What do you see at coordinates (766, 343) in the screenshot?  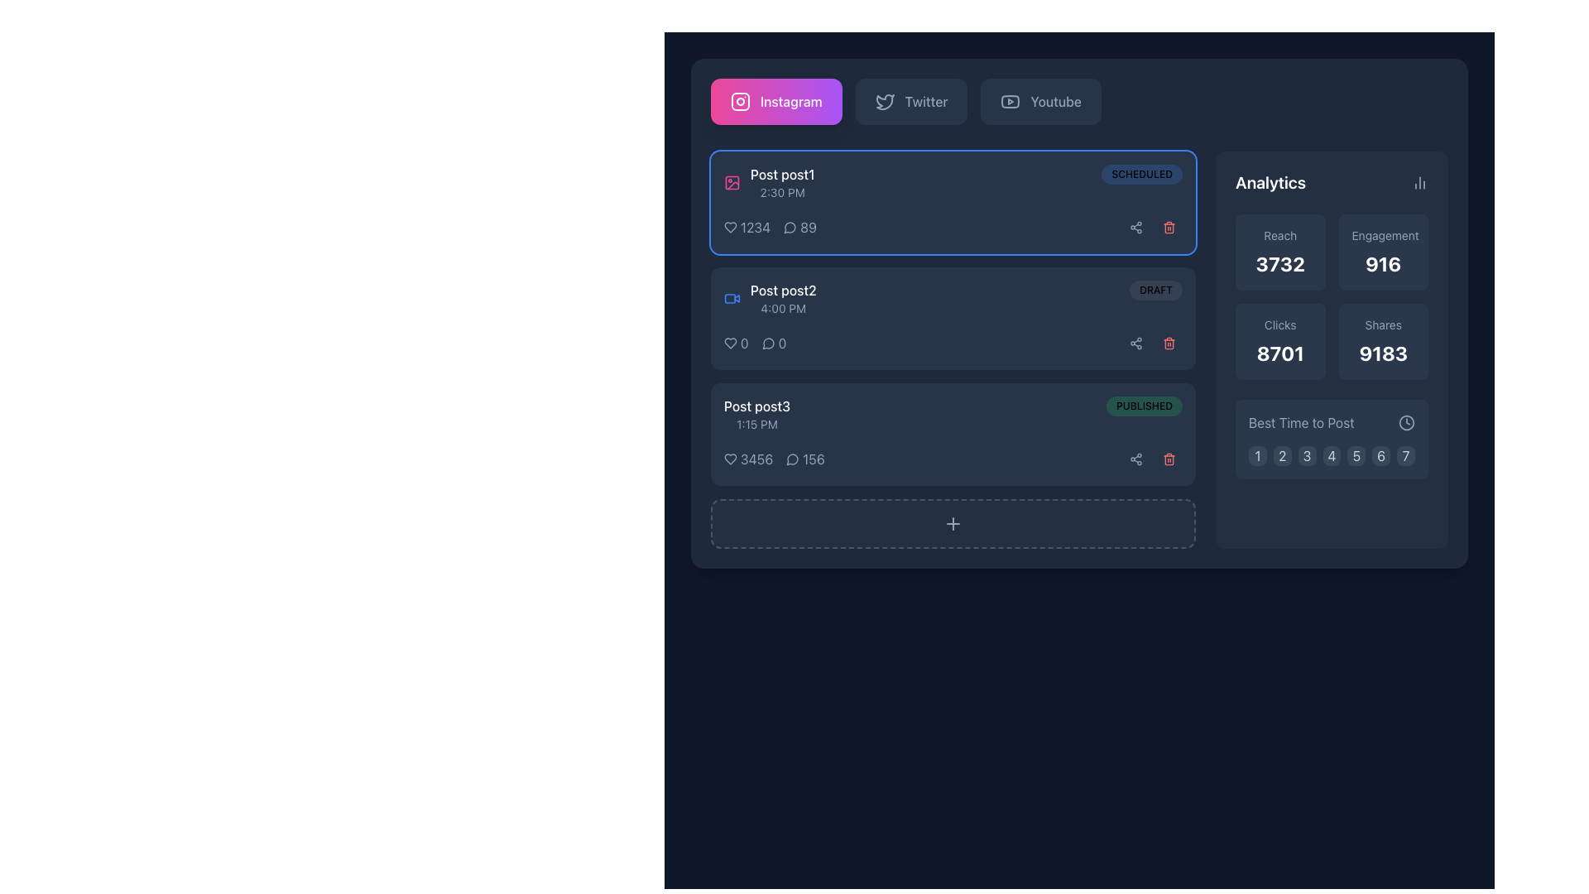 I see `the comment icon located below the second post entry` at bounding box center [766, 343].